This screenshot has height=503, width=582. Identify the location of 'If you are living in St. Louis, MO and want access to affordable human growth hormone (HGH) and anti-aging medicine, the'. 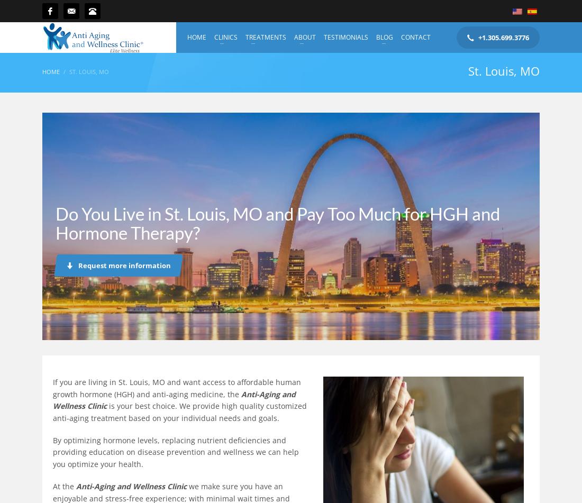
(176, 387).